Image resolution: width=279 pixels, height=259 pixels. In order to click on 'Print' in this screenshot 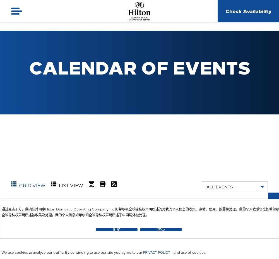, I will do `click(105, 191)`.